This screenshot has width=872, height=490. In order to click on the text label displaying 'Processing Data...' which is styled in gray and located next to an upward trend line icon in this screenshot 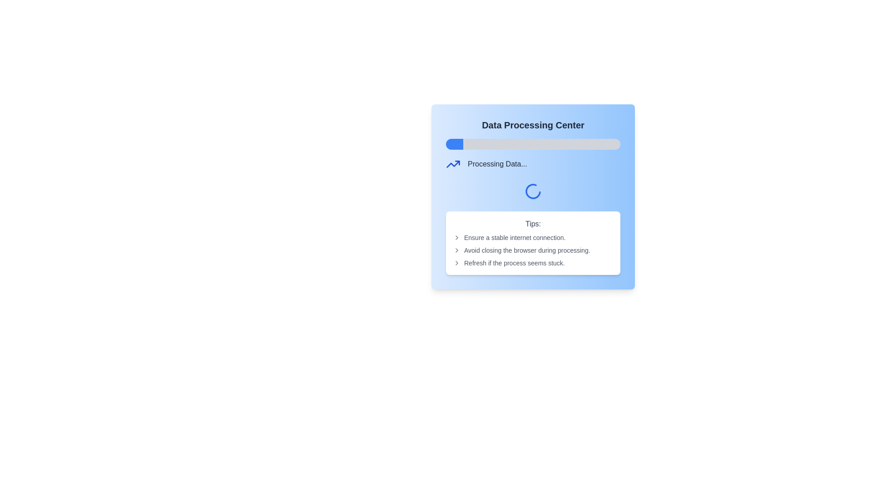, I will do `click(497, 164)`.